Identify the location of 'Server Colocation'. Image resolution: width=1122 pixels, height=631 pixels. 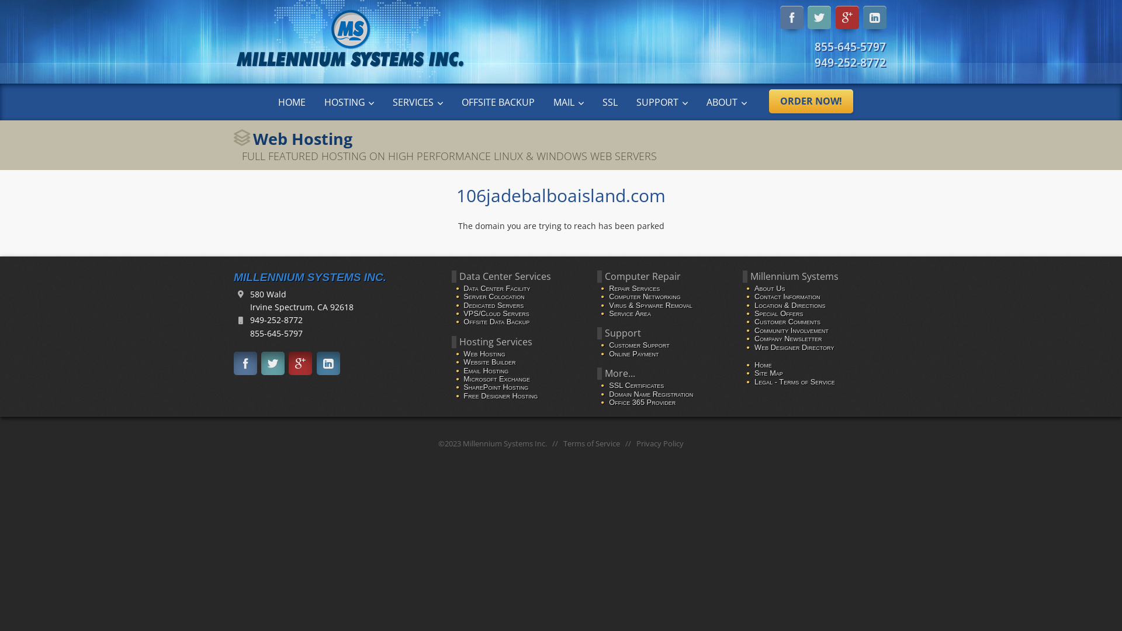
(494, 296).